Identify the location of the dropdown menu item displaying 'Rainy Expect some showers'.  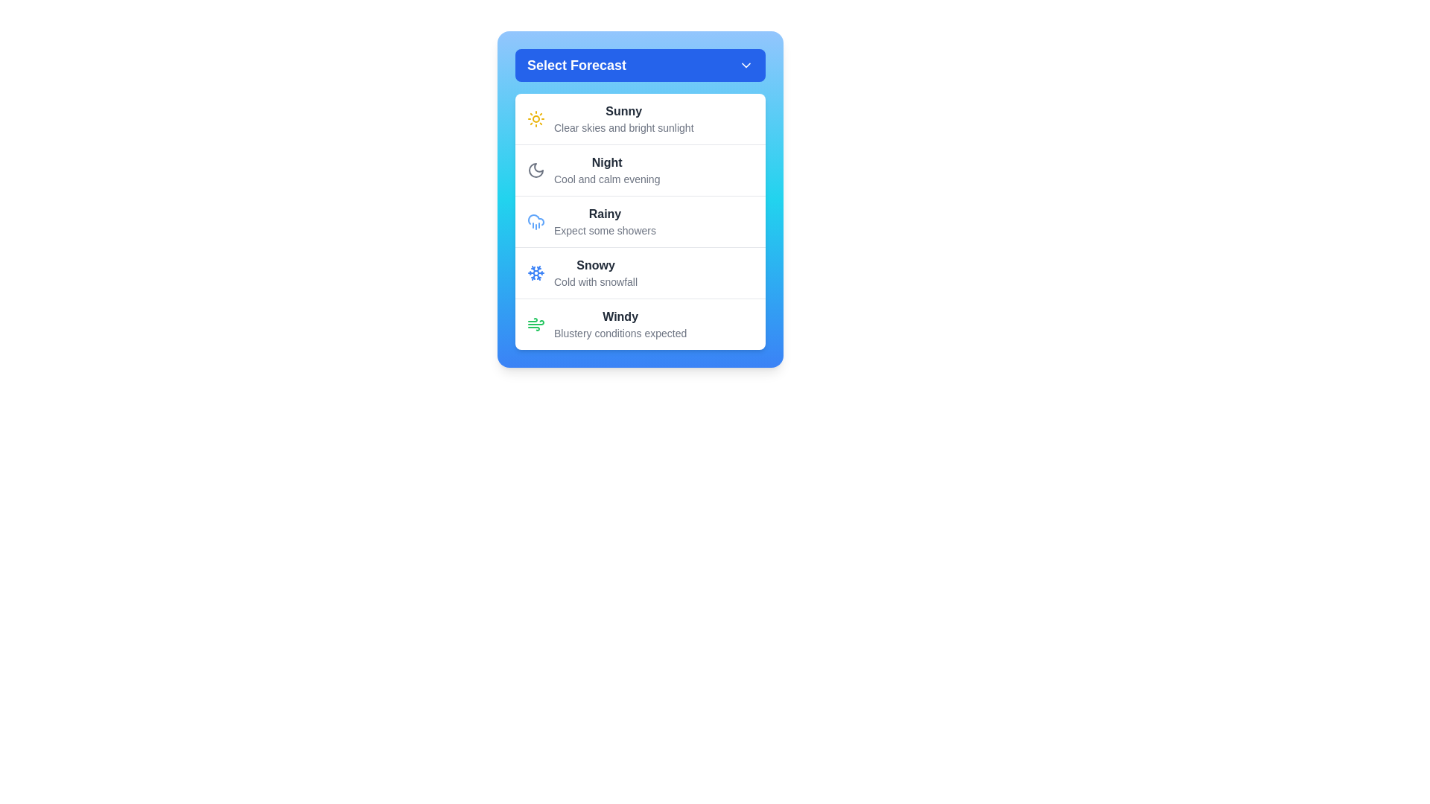
(640, 198).